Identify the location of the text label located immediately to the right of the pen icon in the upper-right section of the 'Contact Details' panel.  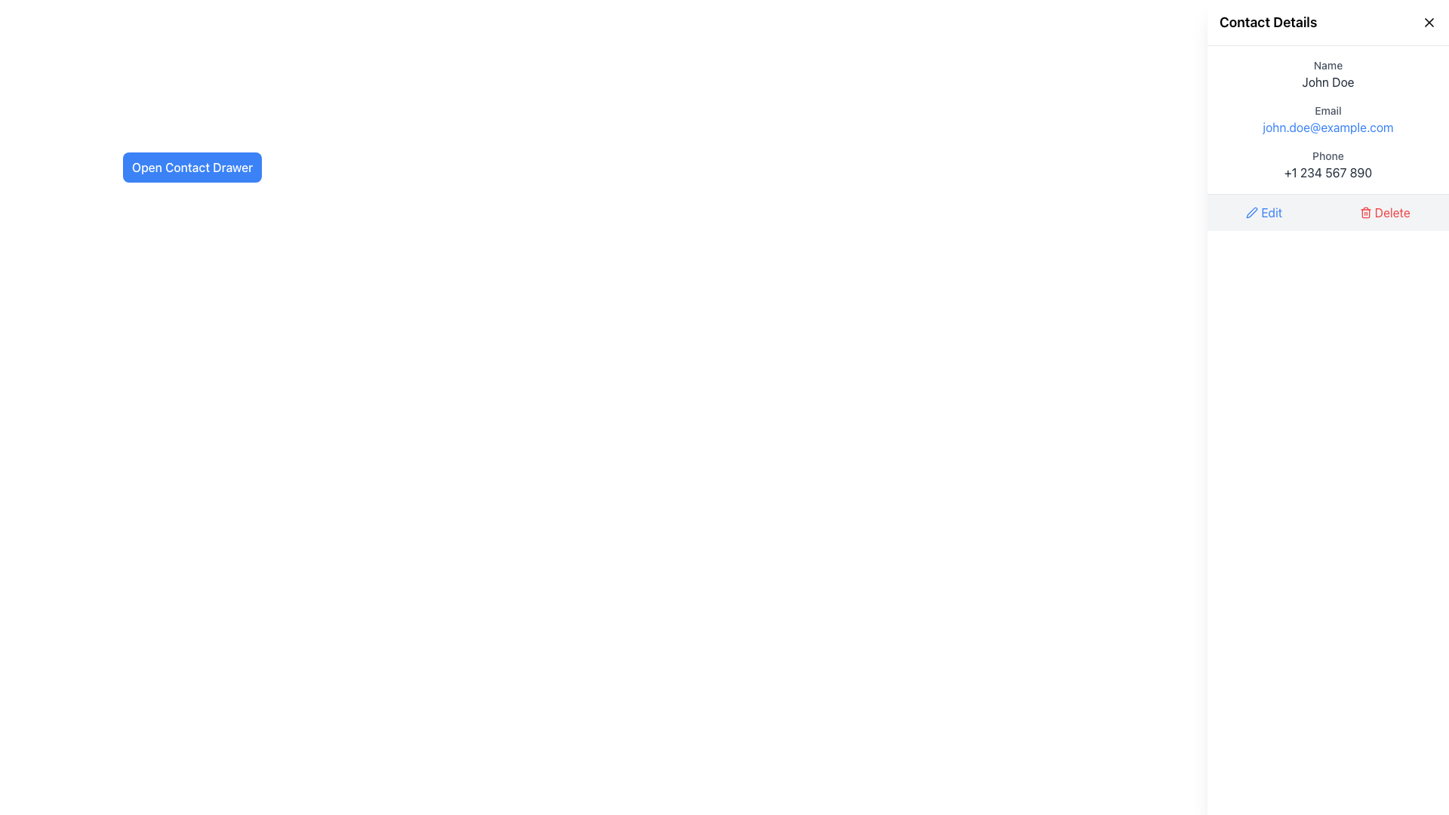
(1270, 212).